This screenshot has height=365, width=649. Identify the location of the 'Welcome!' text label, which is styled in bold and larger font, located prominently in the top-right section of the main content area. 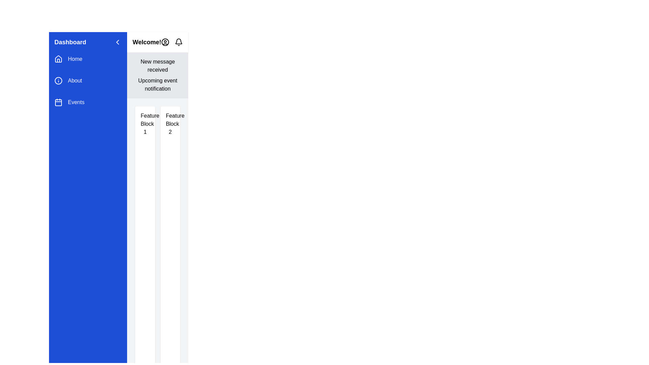
(146, 42).